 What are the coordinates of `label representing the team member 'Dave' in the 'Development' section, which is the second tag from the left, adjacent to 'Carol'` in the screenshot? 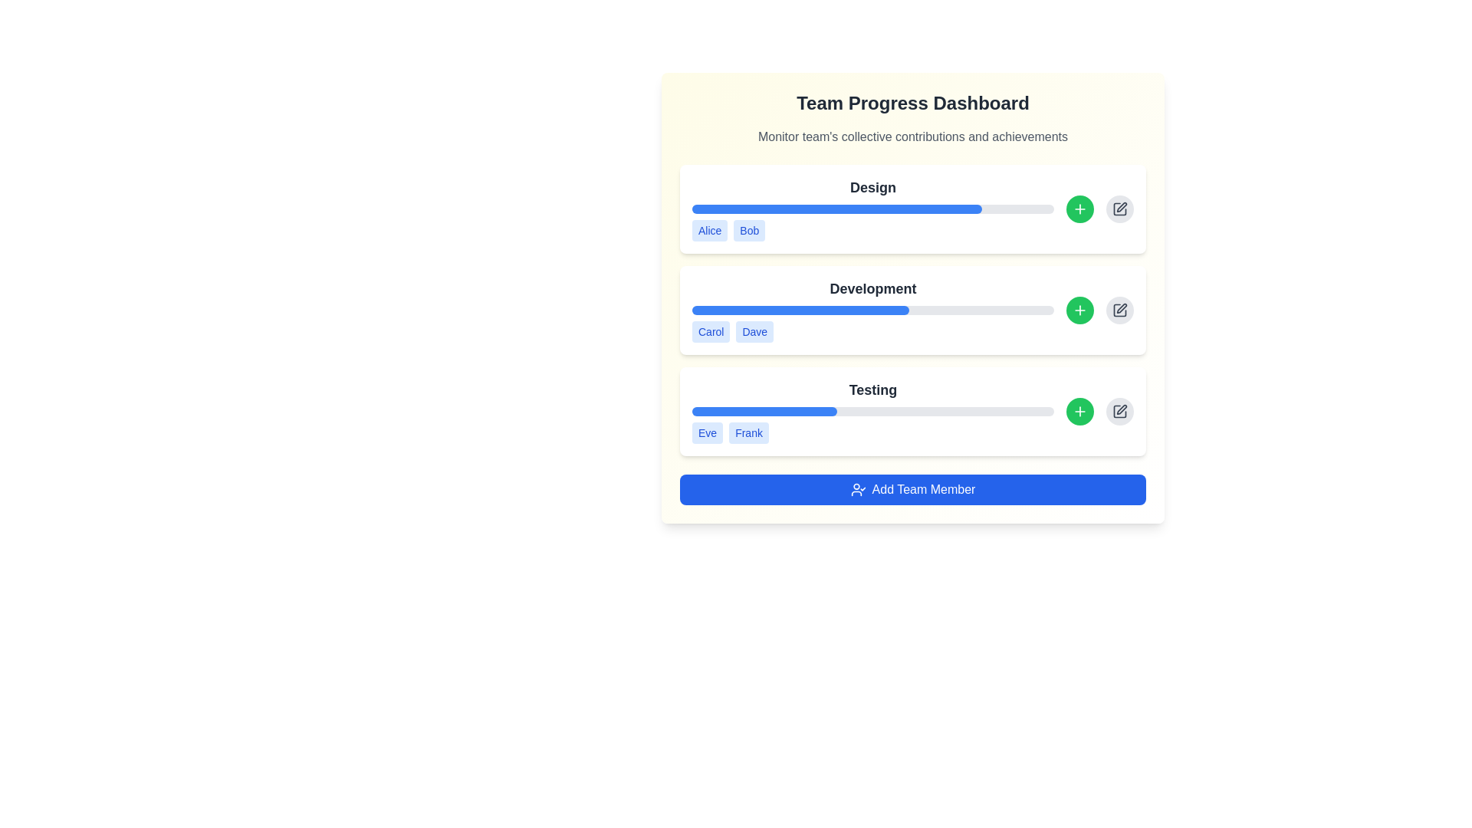 It's located at (754, 330).